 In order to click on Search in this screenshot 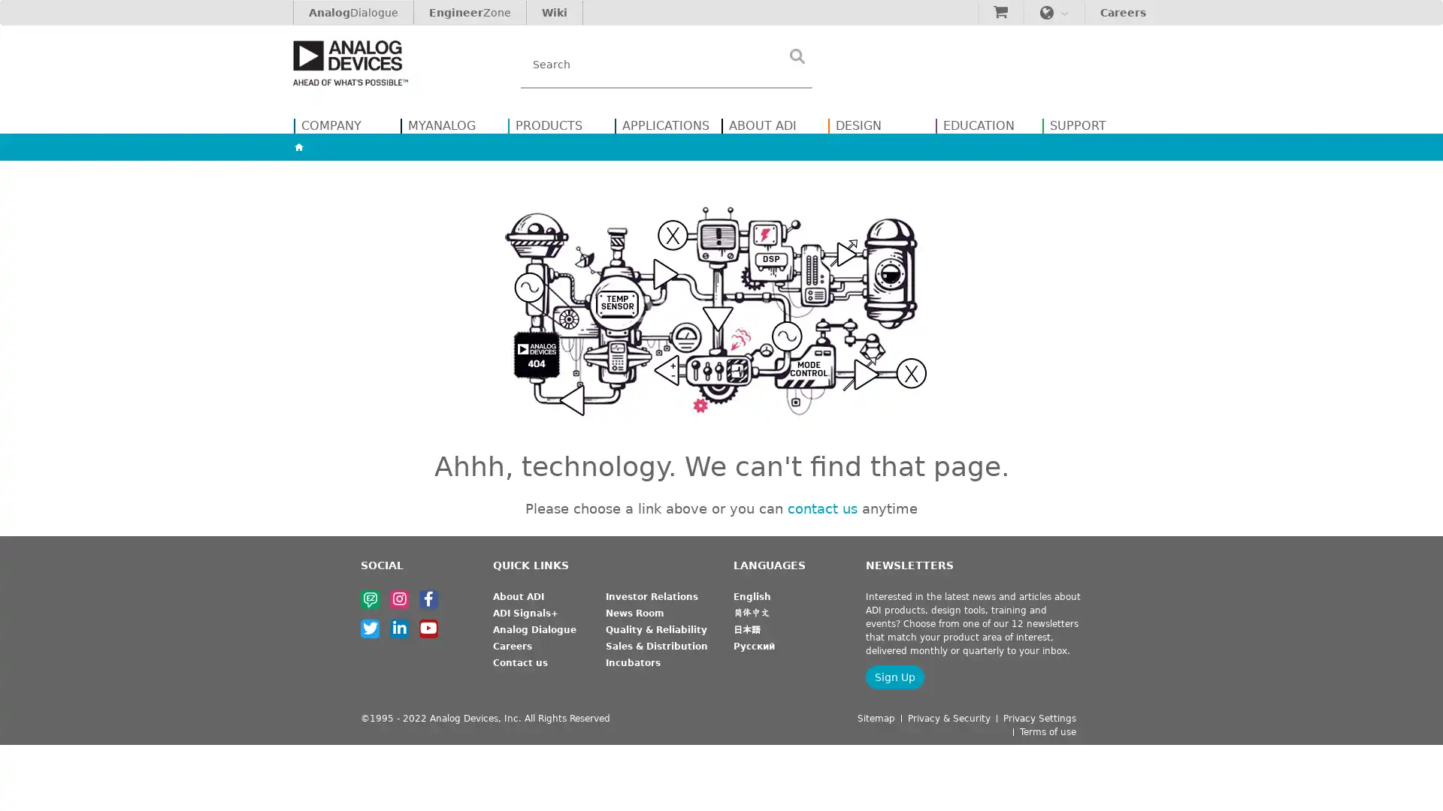, I will do `click(796, 55)`.